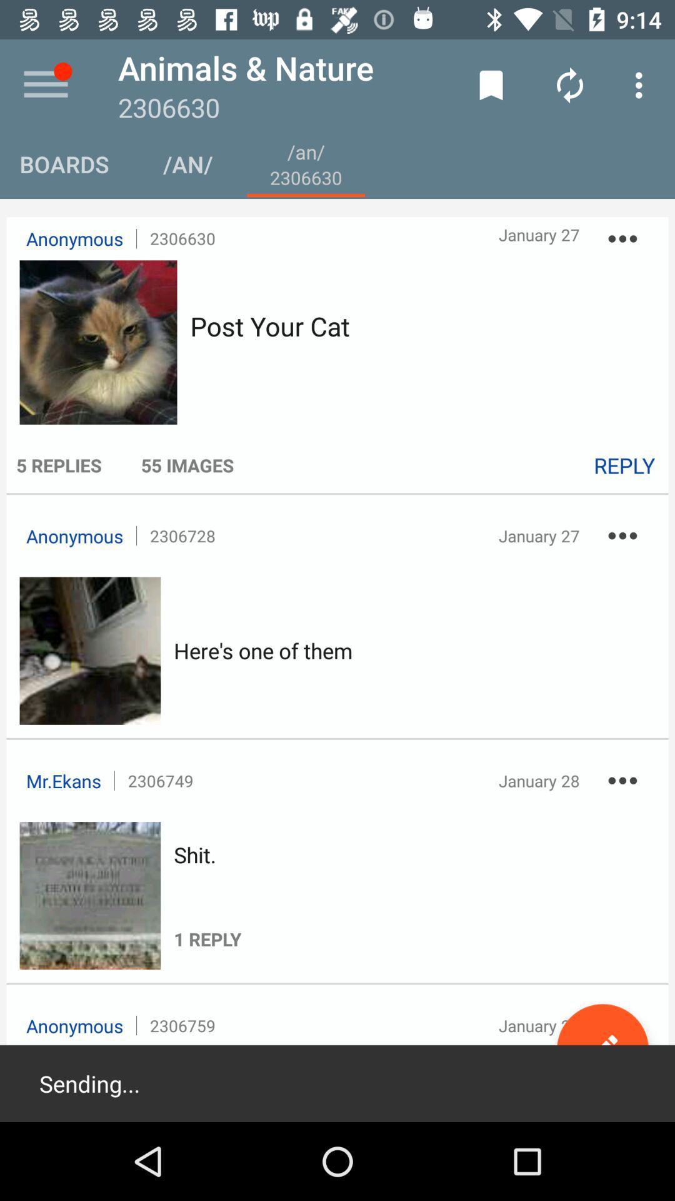  I want to click on menu option, so click(45, 84).